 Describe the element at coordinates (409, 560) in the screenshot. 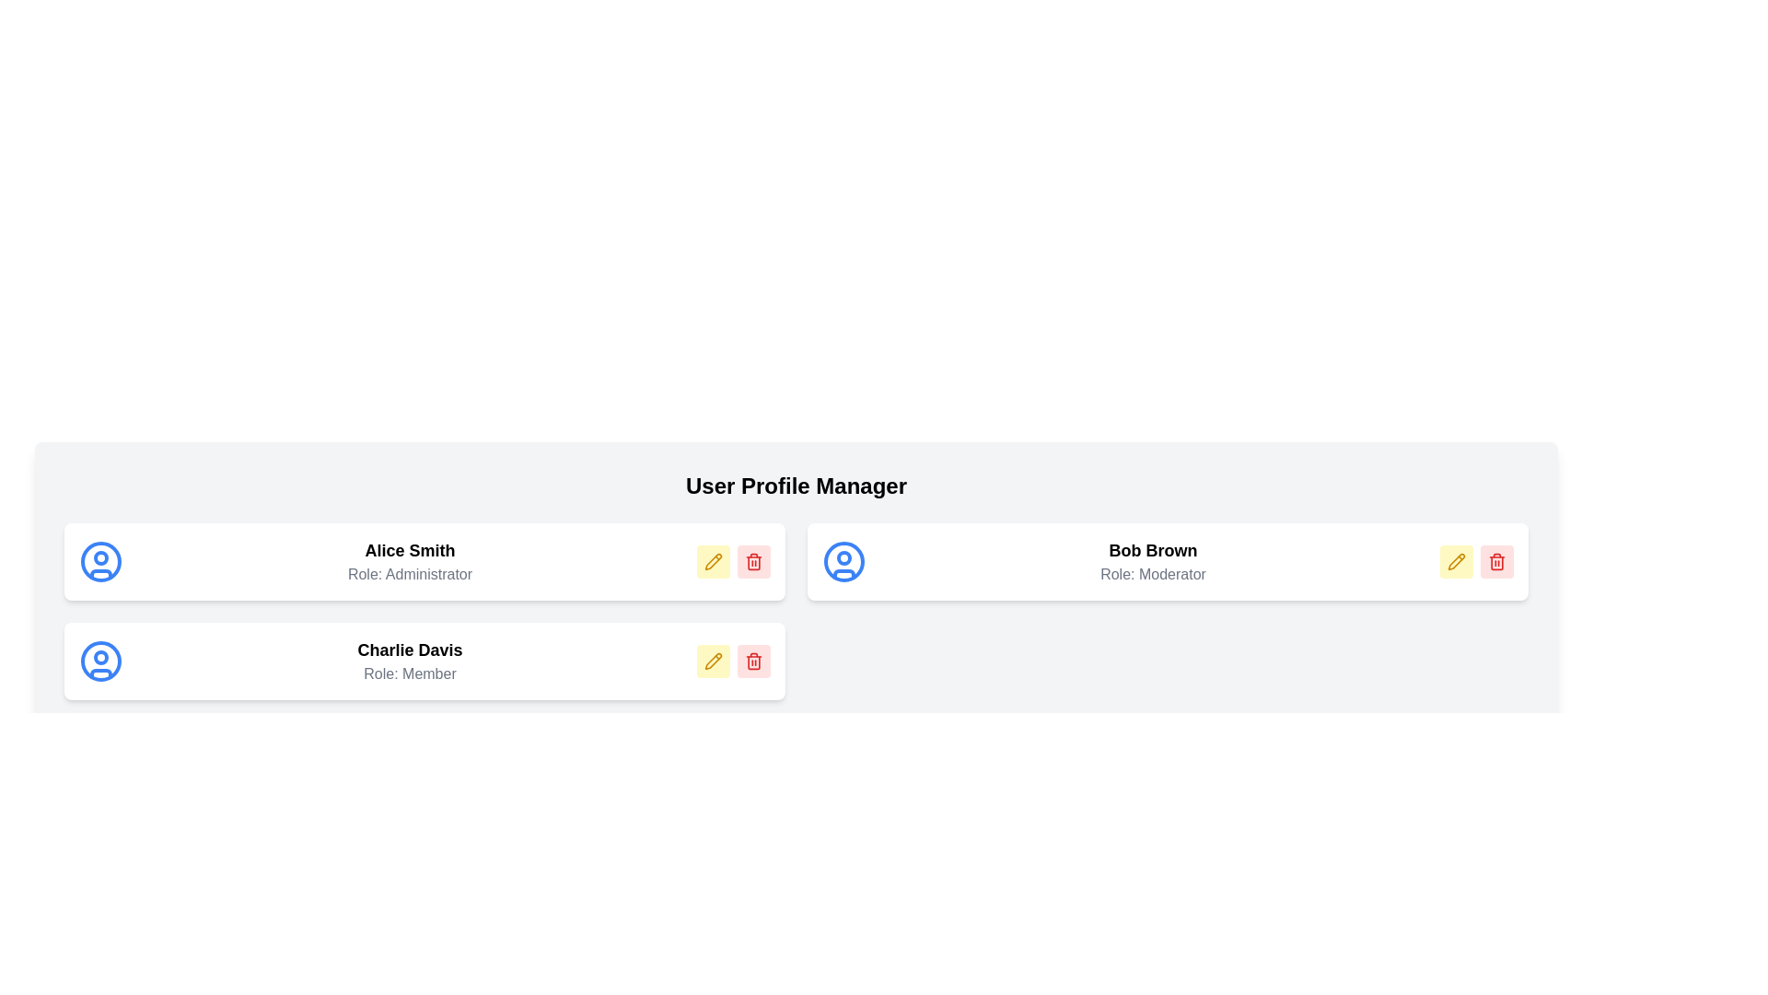

I see `the Text area displaying the name 'Alice Smith' and role 'Administrator' in the upper left card of the user profiles grid` at that location.